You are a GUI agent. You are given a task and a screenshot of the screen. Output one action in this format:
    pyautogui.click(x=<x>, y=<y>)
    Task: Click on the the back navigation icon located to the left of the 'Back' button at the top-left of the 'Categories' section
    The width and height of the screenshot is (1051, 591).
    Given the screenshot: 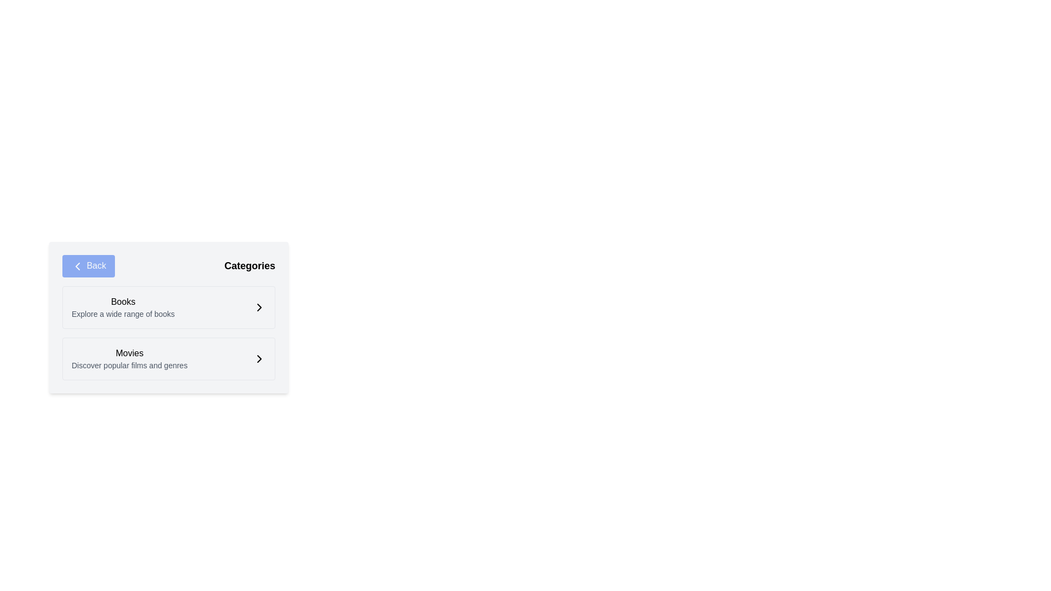 What is the action you would take?
    pyautogui.click(x=77, y=266)
    